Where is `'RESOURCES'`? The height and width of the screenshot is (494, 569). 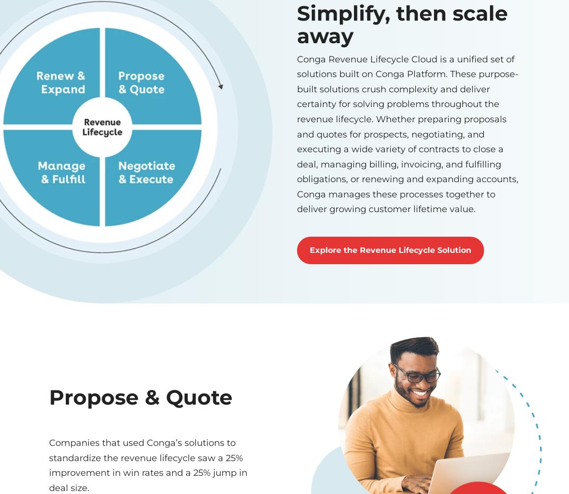
'RESOURCES' is located at coordinates (231, 220).